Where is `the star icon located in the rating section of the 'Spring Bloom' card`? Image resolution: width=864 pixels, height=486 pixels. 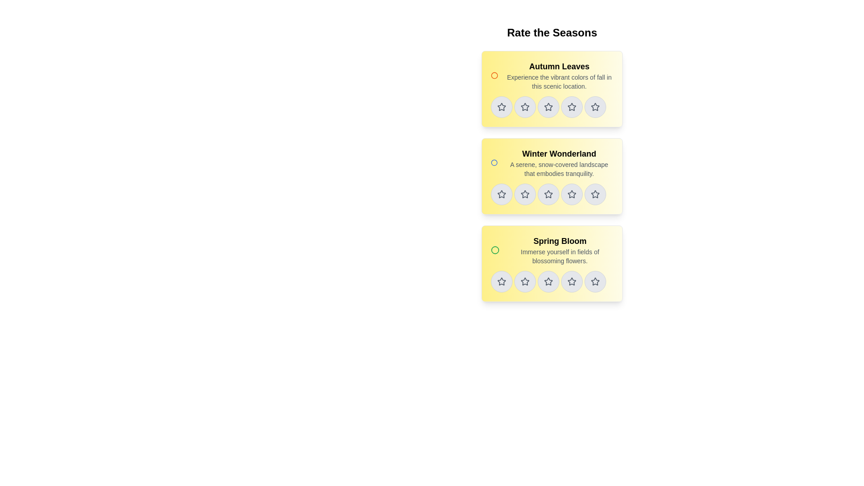
the star icon located in the rating section of the 'Spring Bloom' card is located at coordinates (595, 281).